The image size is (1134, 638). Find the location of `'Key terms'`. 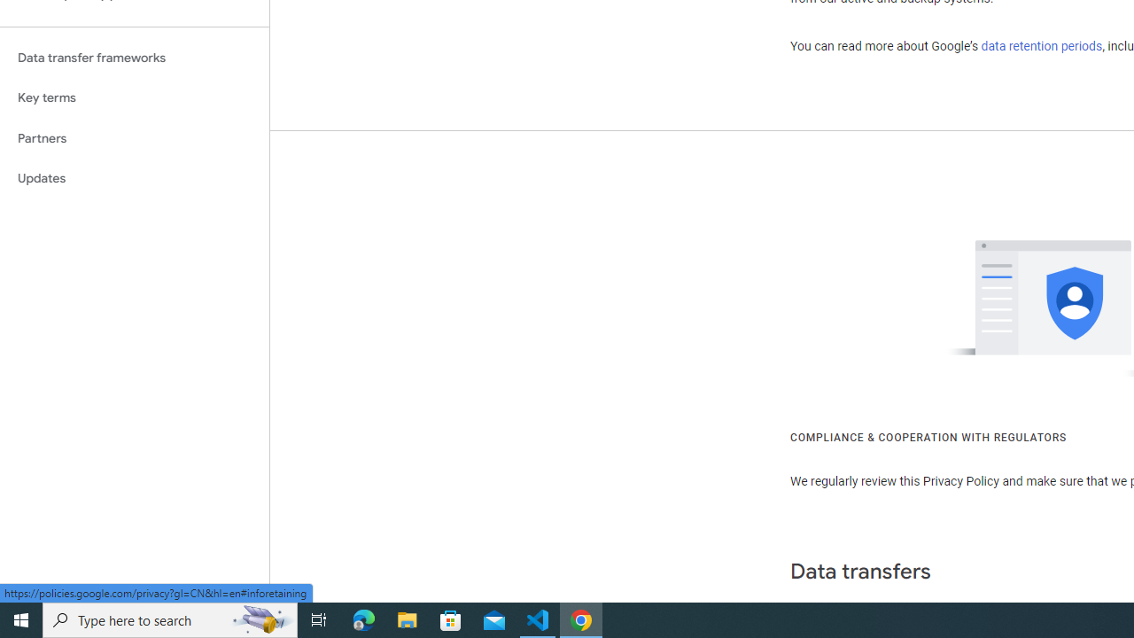

'Key terms' is located at coordinates (134, 97).